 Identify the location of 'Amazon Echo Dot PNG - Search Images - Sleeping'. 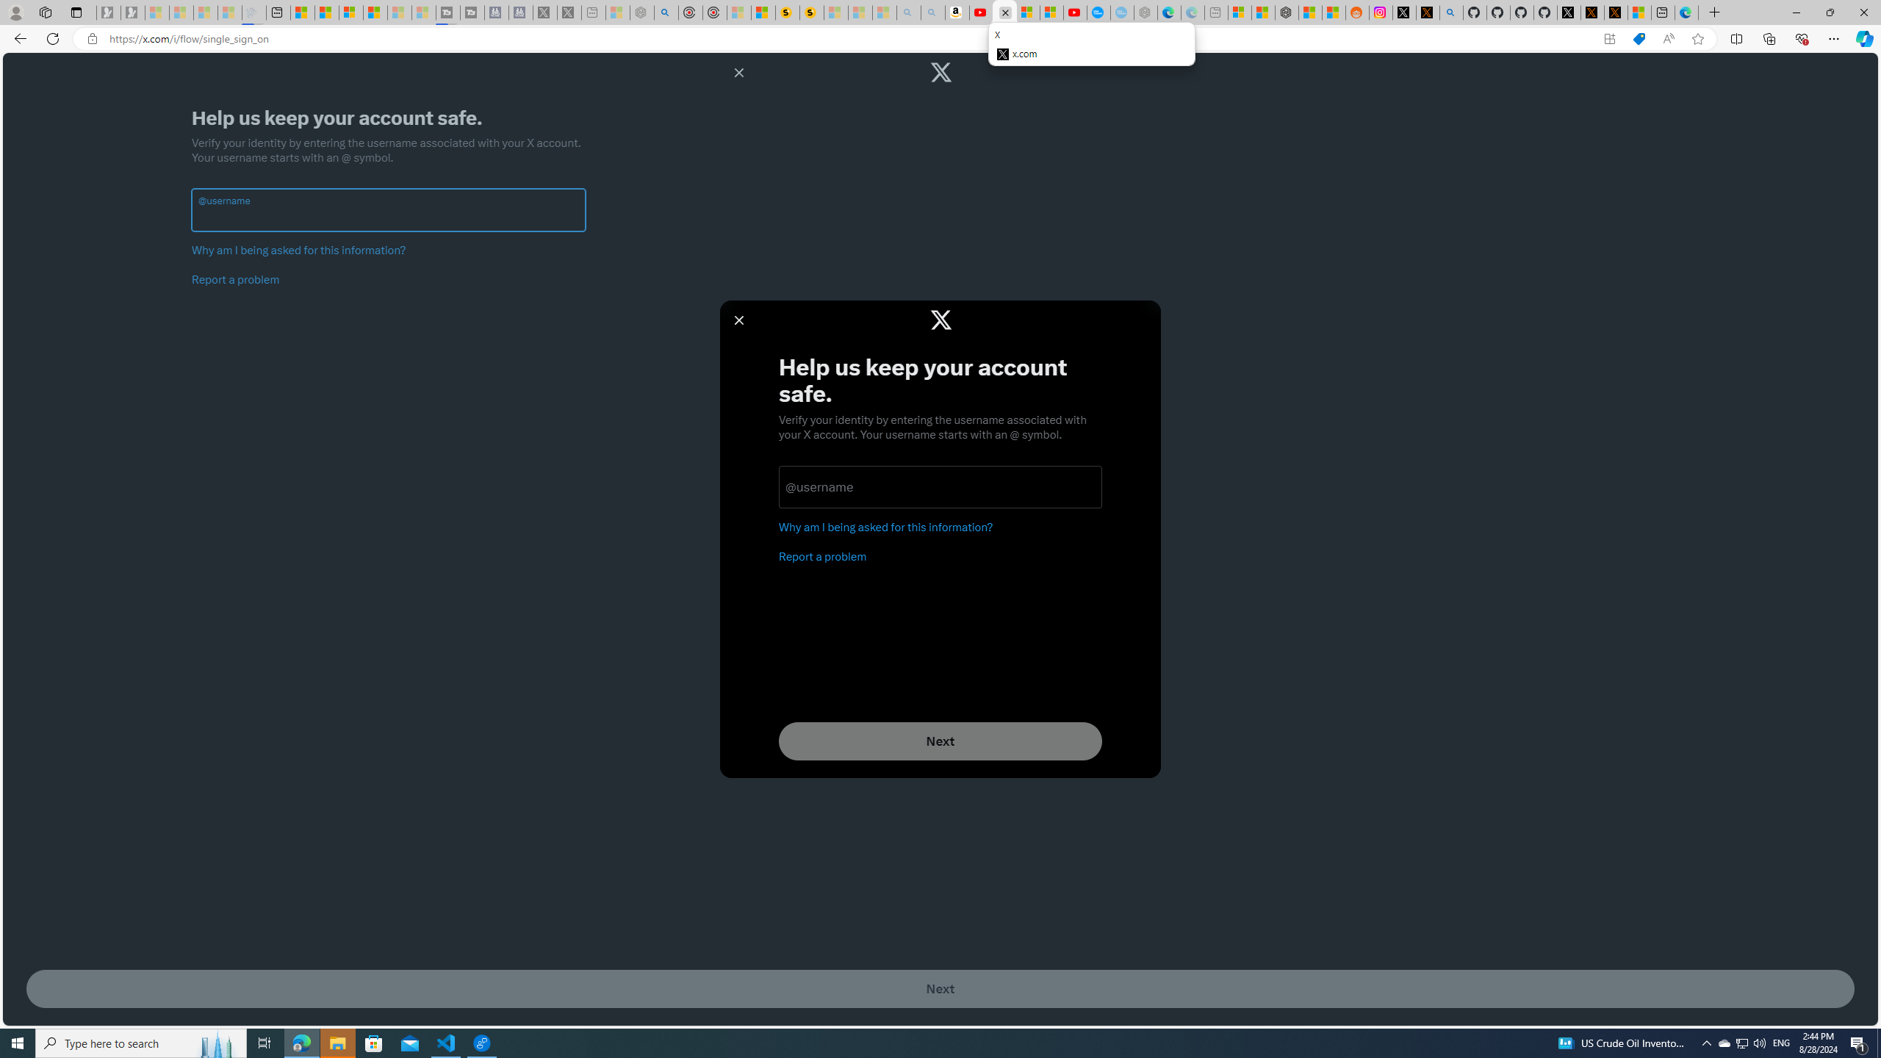
(932, 12).